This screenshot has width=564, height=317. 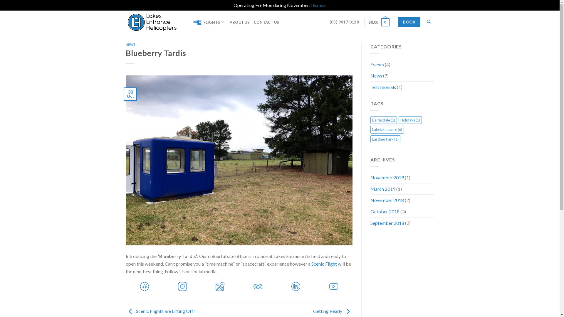 I want to click on 'Facebook', so click(x=145, y=286).